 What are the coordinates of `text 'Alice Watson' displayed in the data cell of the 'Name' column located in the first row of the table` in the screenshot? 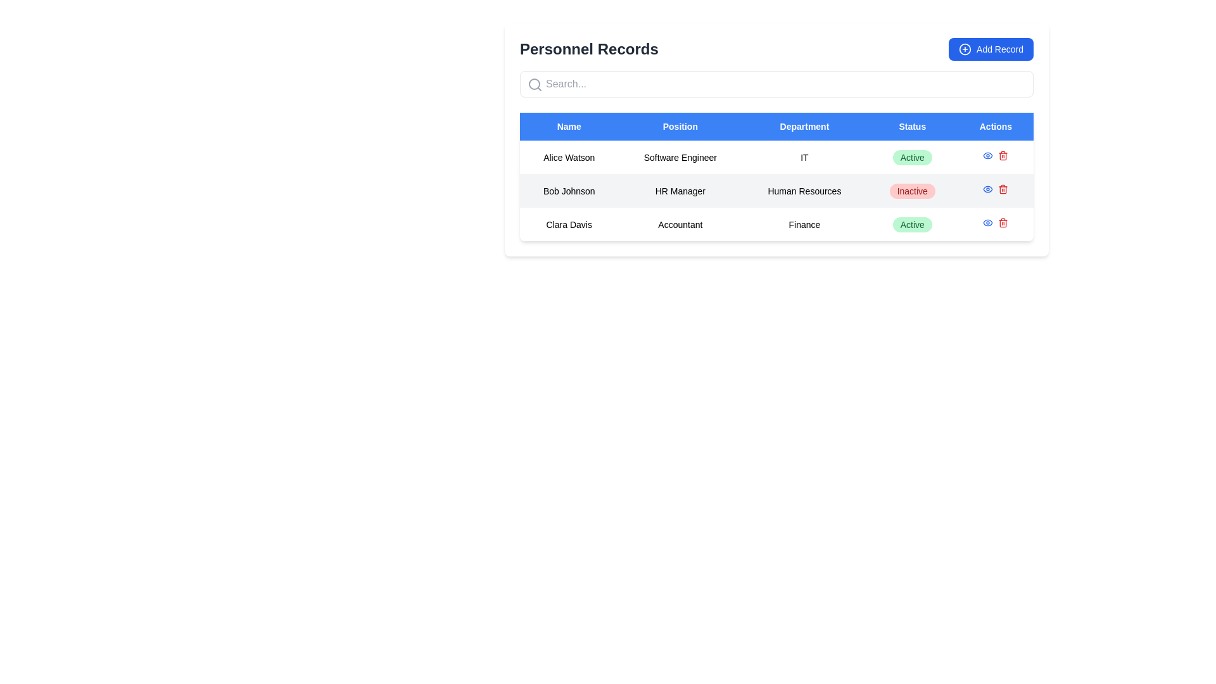 It's located at (568, 156).